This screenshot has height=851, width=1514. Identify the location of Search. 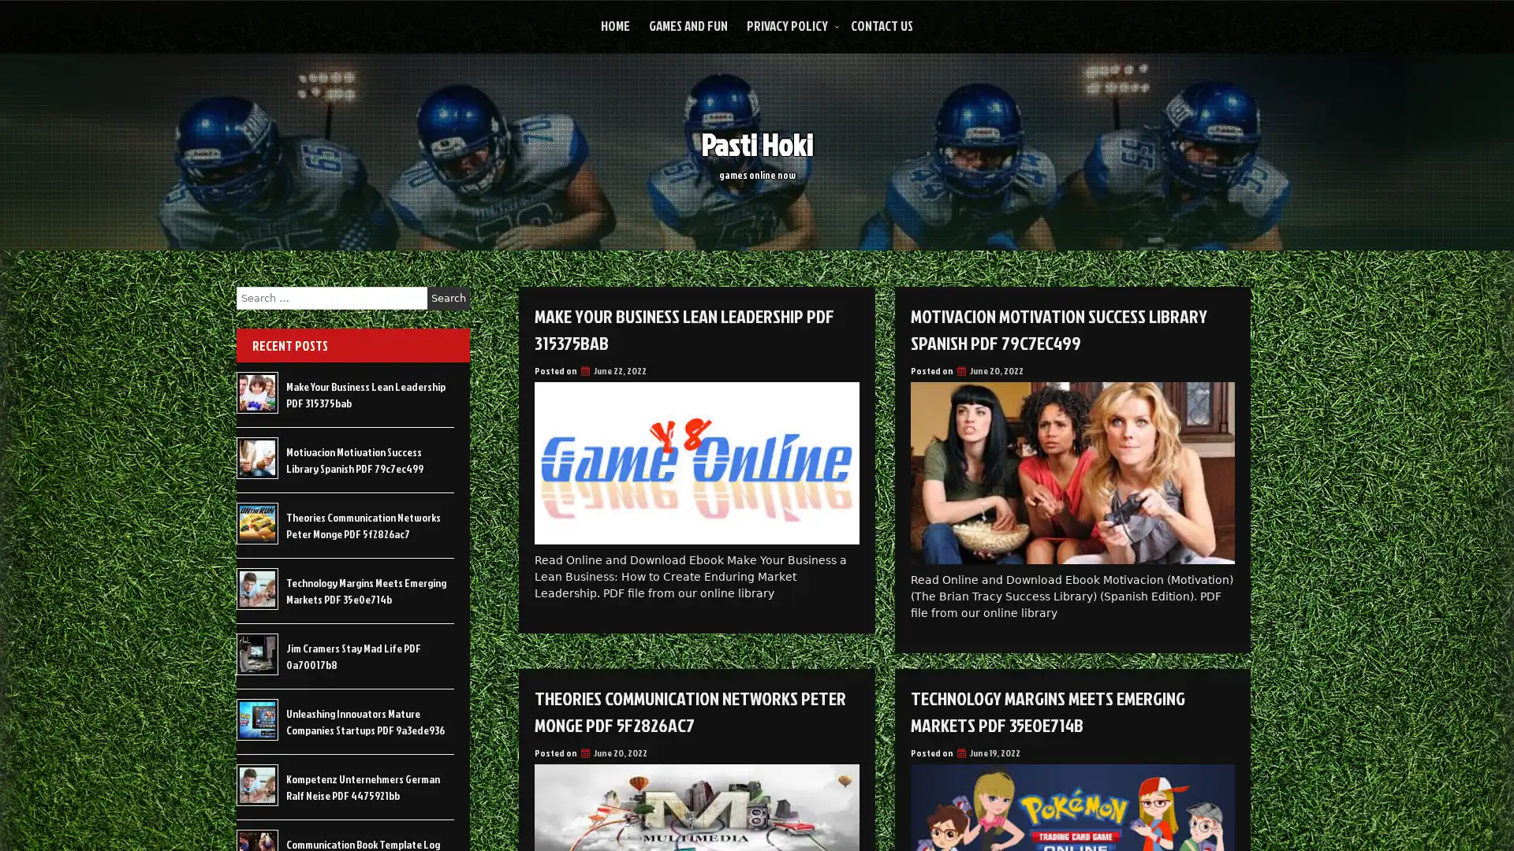
(448, 298).